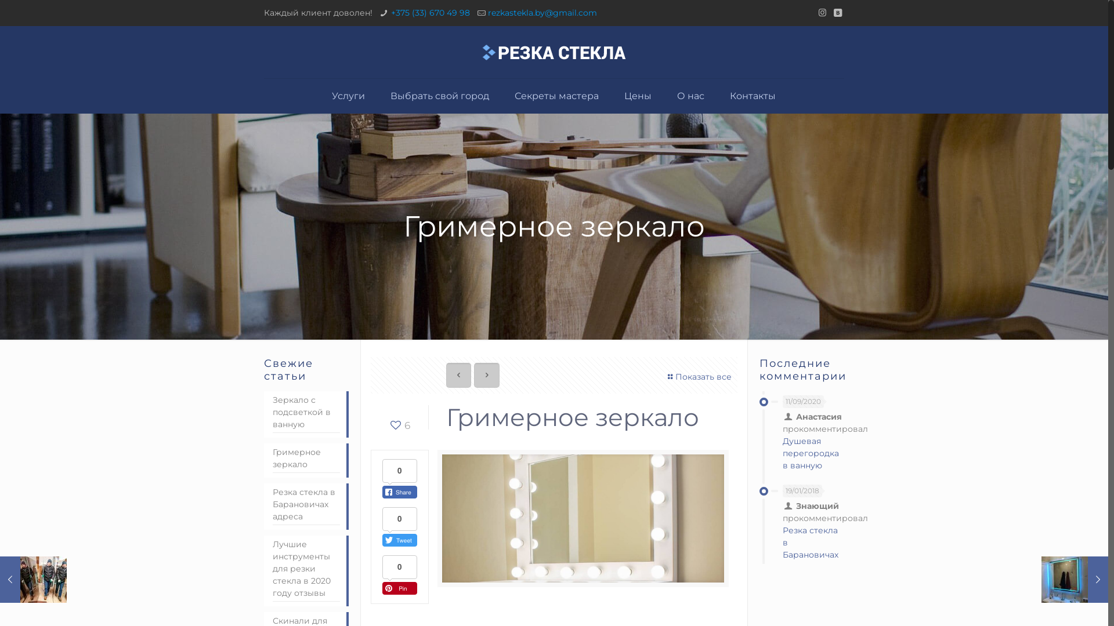 The image size is (1114, 626). I want to click on '+375 (33) 670 49 98', so click(430, 13).